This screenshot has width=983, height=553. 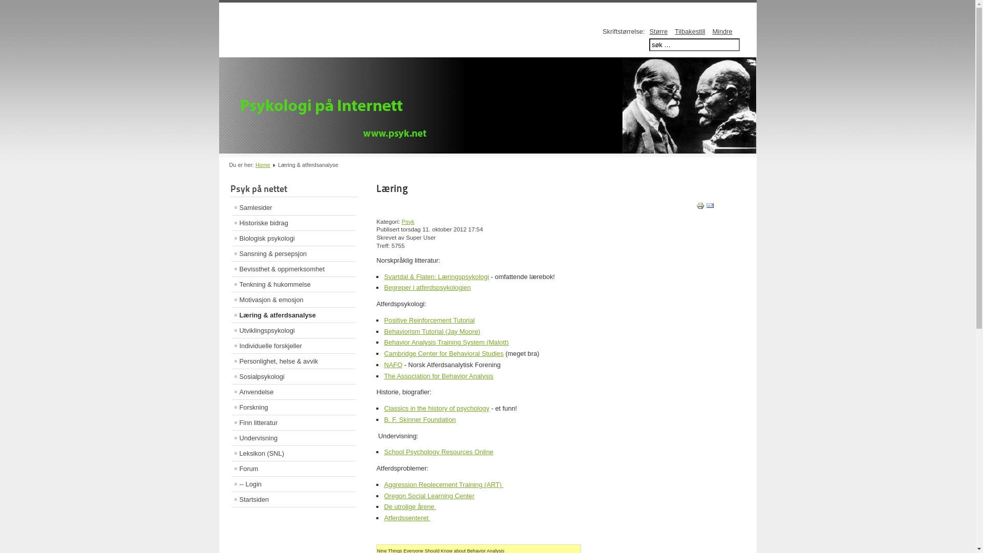 I want to click on 'Startsiden', so click(x=230, y=499).